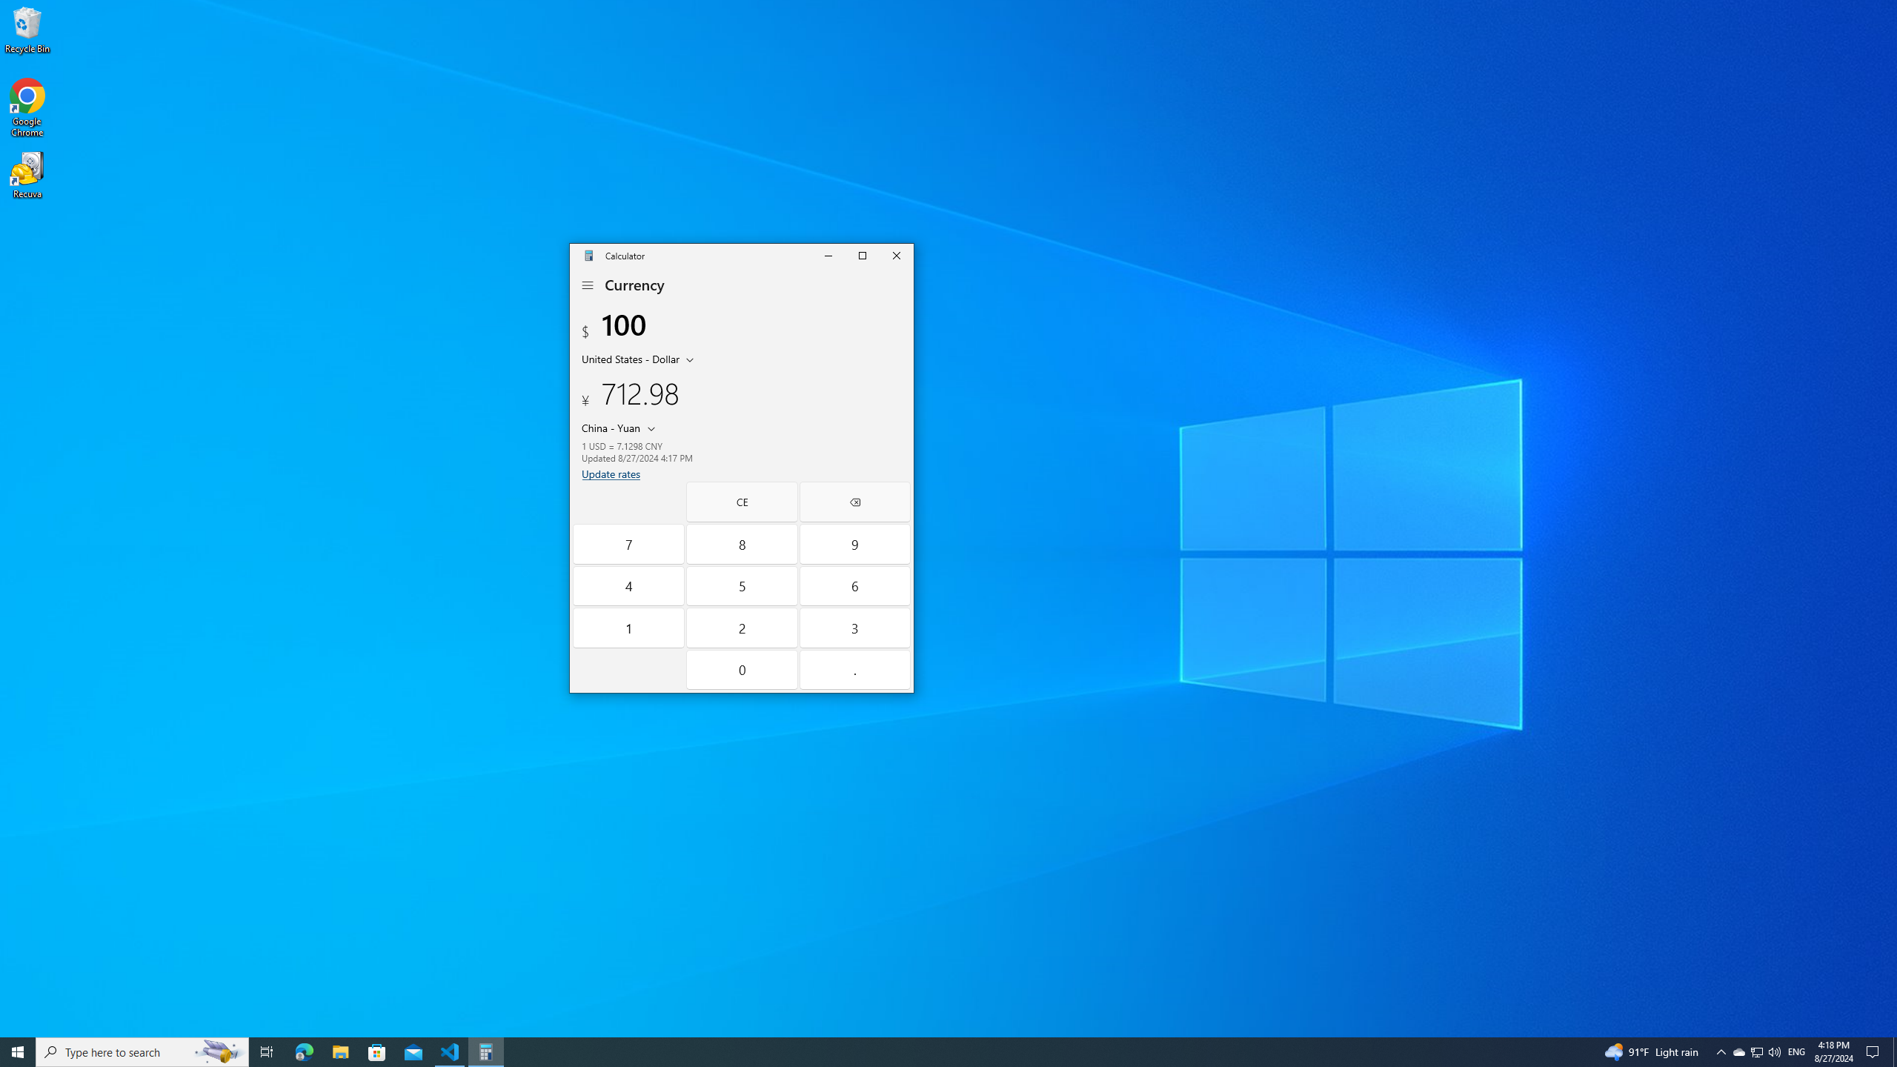 This screenshot has width=1897, height=1067. I want to click on 'Notification Chevron', so click(1721, 1051).